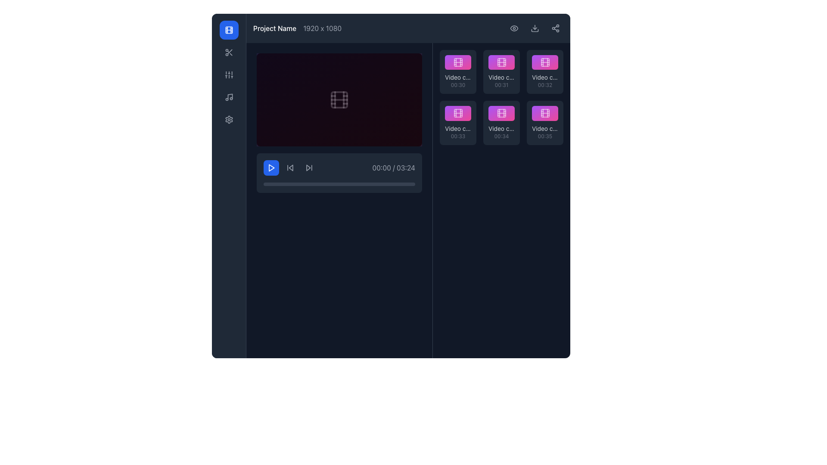 Image resolution: width=827 pixels, height=465 pixels. What do you see at coordinates (544, 136) in the screenshot?
I see `the Text Label displaying '00:35', which is a small gray font positioned beneath 'Video clip 6' in the last column and row of the grid layout` at bounding box center [544, 136].